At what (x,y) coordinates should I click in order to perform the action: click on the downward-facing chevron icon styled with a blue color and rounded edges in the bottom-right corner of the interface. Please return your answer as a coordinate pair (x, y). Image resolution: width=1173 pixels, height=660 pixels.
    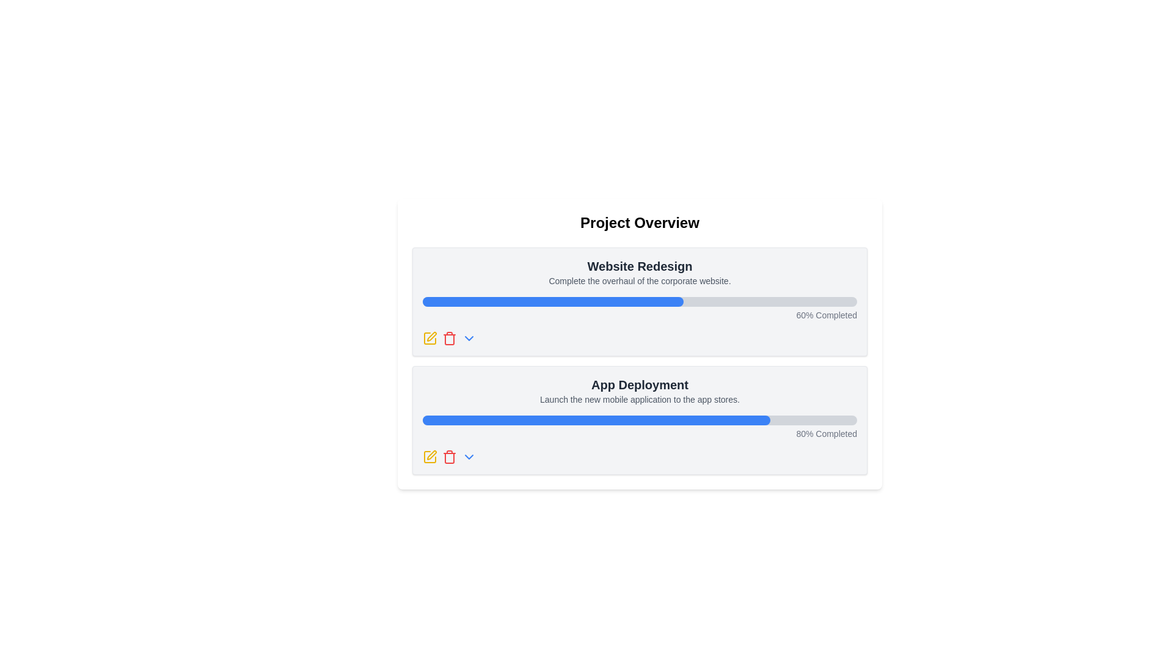
    Looking at the image, I should click on (469, 457).